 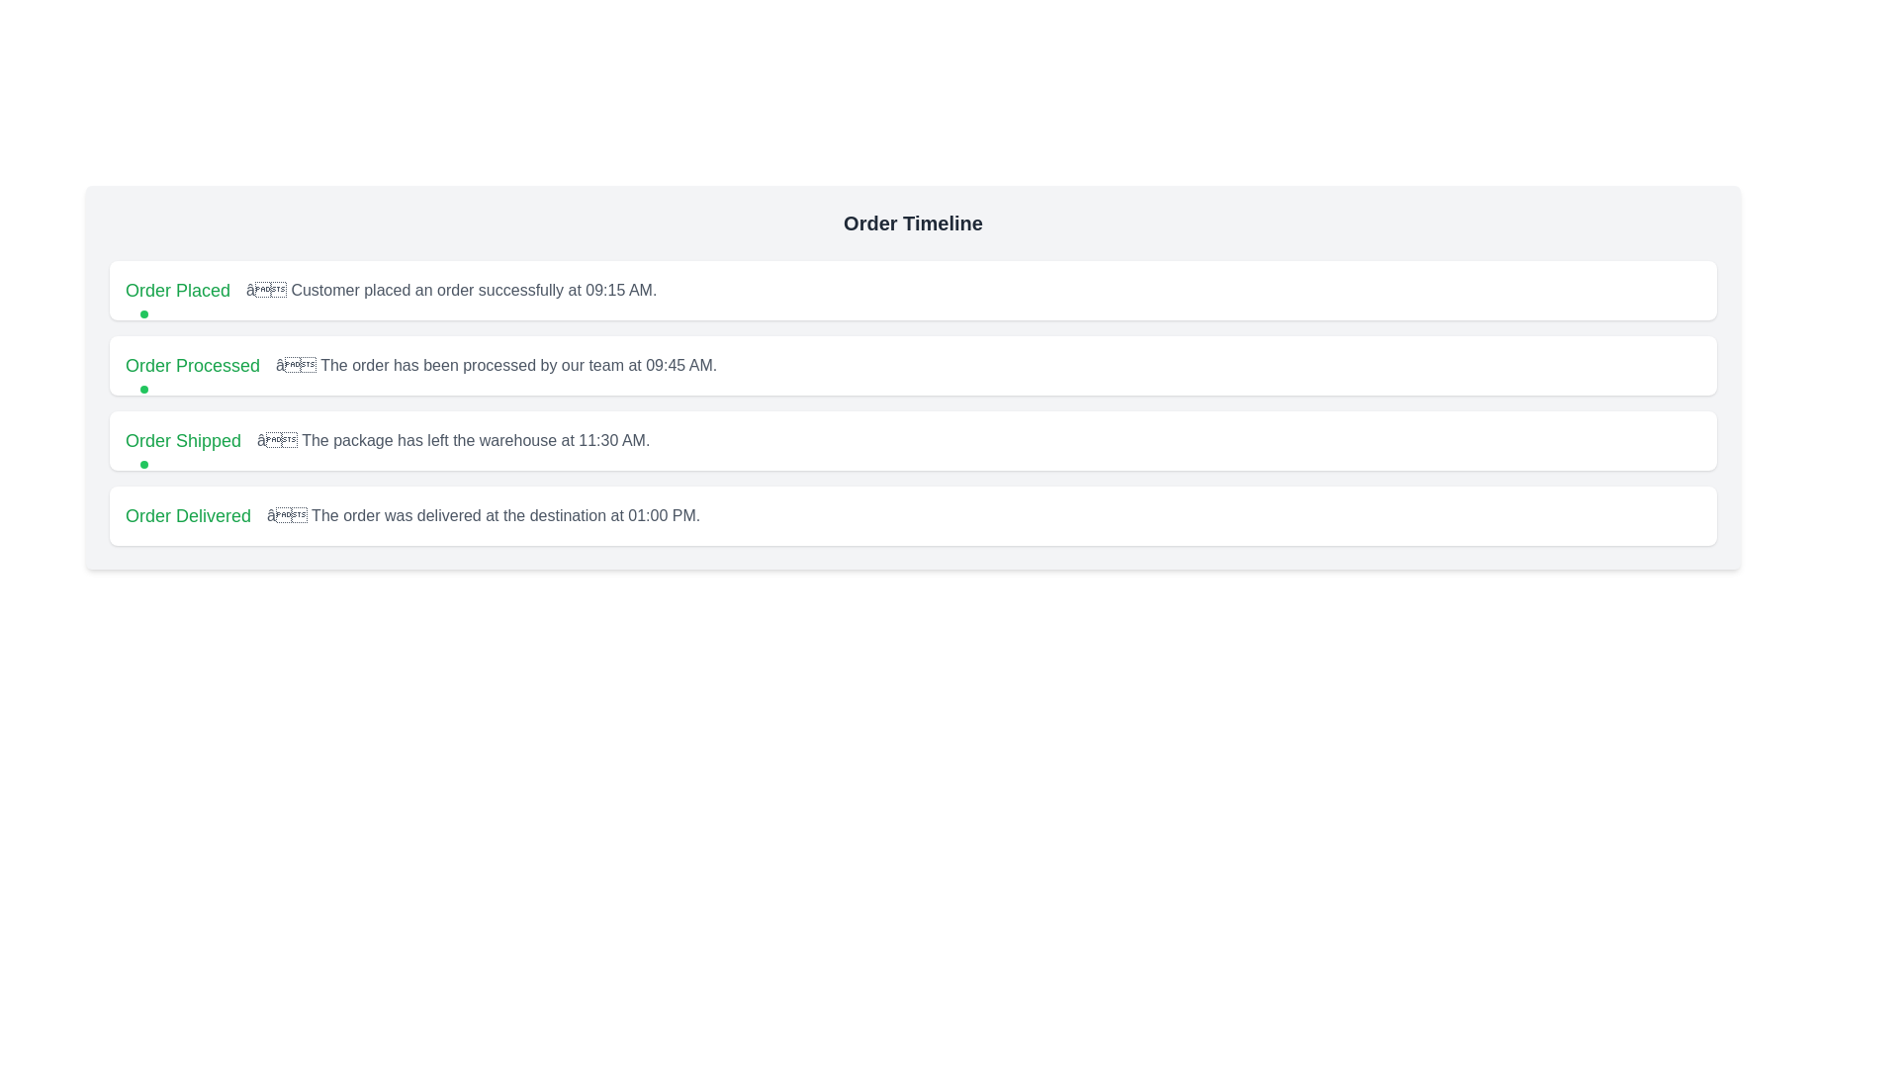 What do you see at coordinates (484, 514) in the screenshot?
I see `static text displaying the message '– The order was delivered at the destination at 01:00 PM.' which is styled in gray and is located below the green heading 'Order Delivered' in the order status timeline` at bounding box center [484, 514].